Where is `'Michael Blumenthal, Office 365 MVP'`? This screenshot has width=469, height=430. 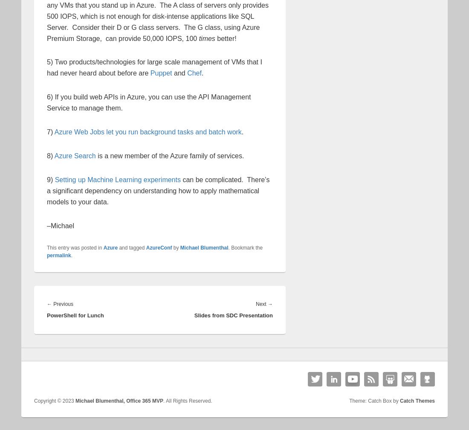 'Michael Blumenthal, Office 365 MVP' is located at coordinates (118, 401).